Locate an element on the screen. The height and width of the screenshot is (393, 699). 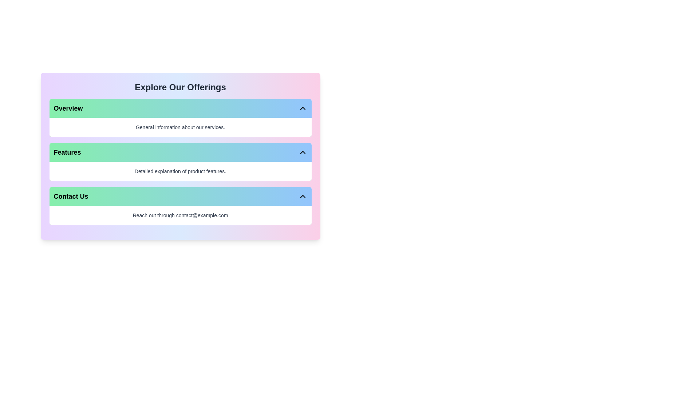
the Informative section, which is centrally positioned between the 'Overview' and 'Contact Us' sections, serving to display detailed information about product features is located at coordinates (180, 156).